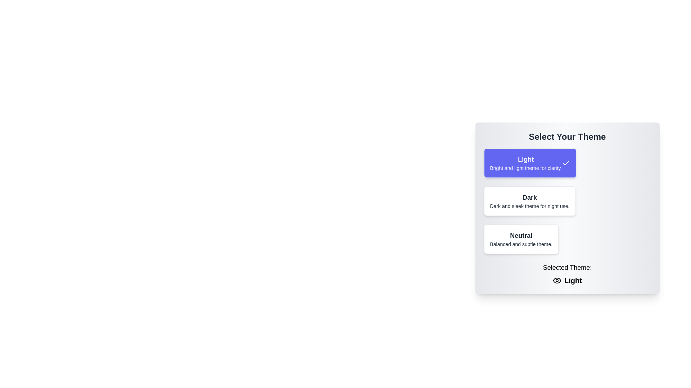  Describe the element at coordinates (526, 163) in the screenshot. I see `the non-interactive text block that describes the characteristics of the 'Light' theme, located inside the purple rectangular button labeled 'Light'` at that location.